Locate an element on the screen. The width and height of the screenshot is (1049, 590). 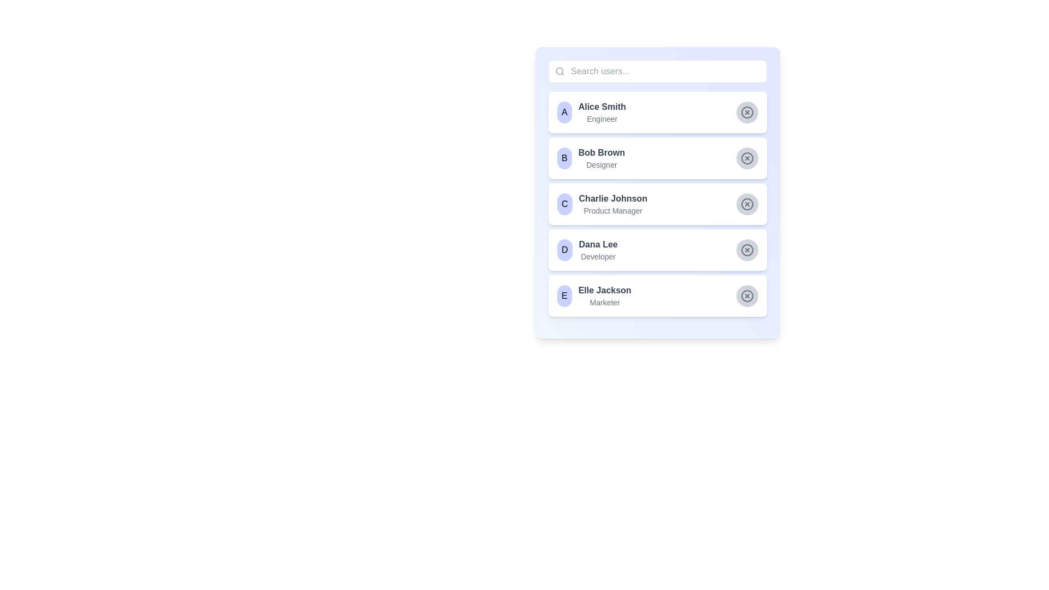
to select the user profile card for 'Alice Smith', which features a circular profile placeholder with 'A' and is the first entry in a vertical list of user cards is located at coordinates (657, 112).